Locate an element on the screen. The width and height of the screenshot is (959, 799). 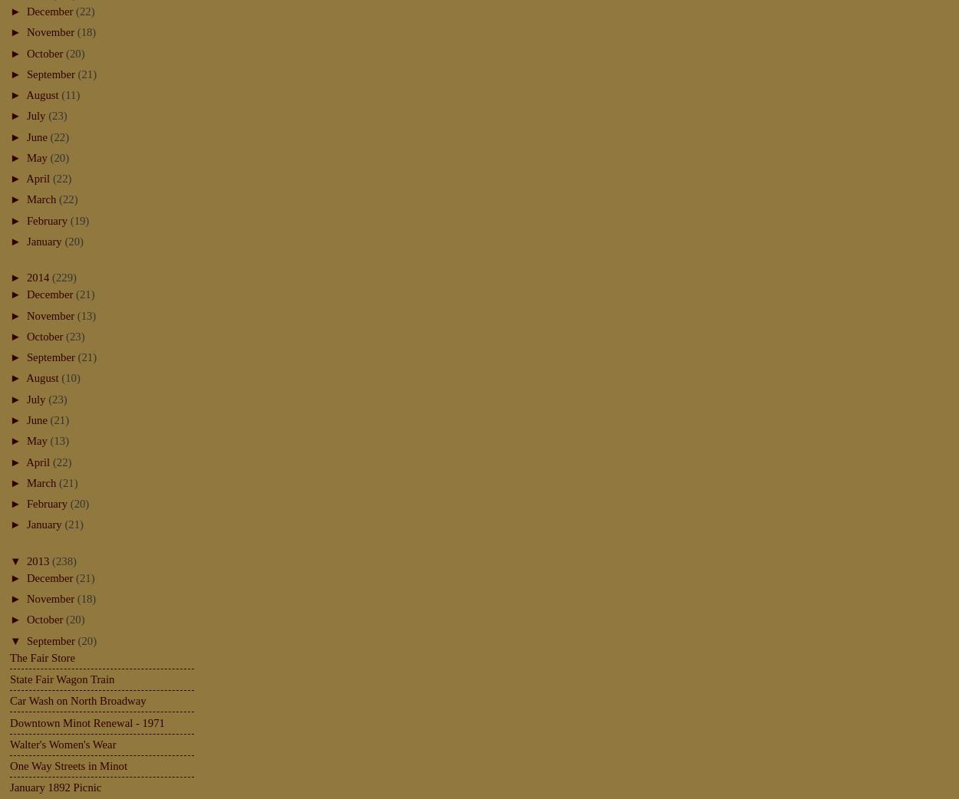
'(11)' is located at coordinates (70, 94).